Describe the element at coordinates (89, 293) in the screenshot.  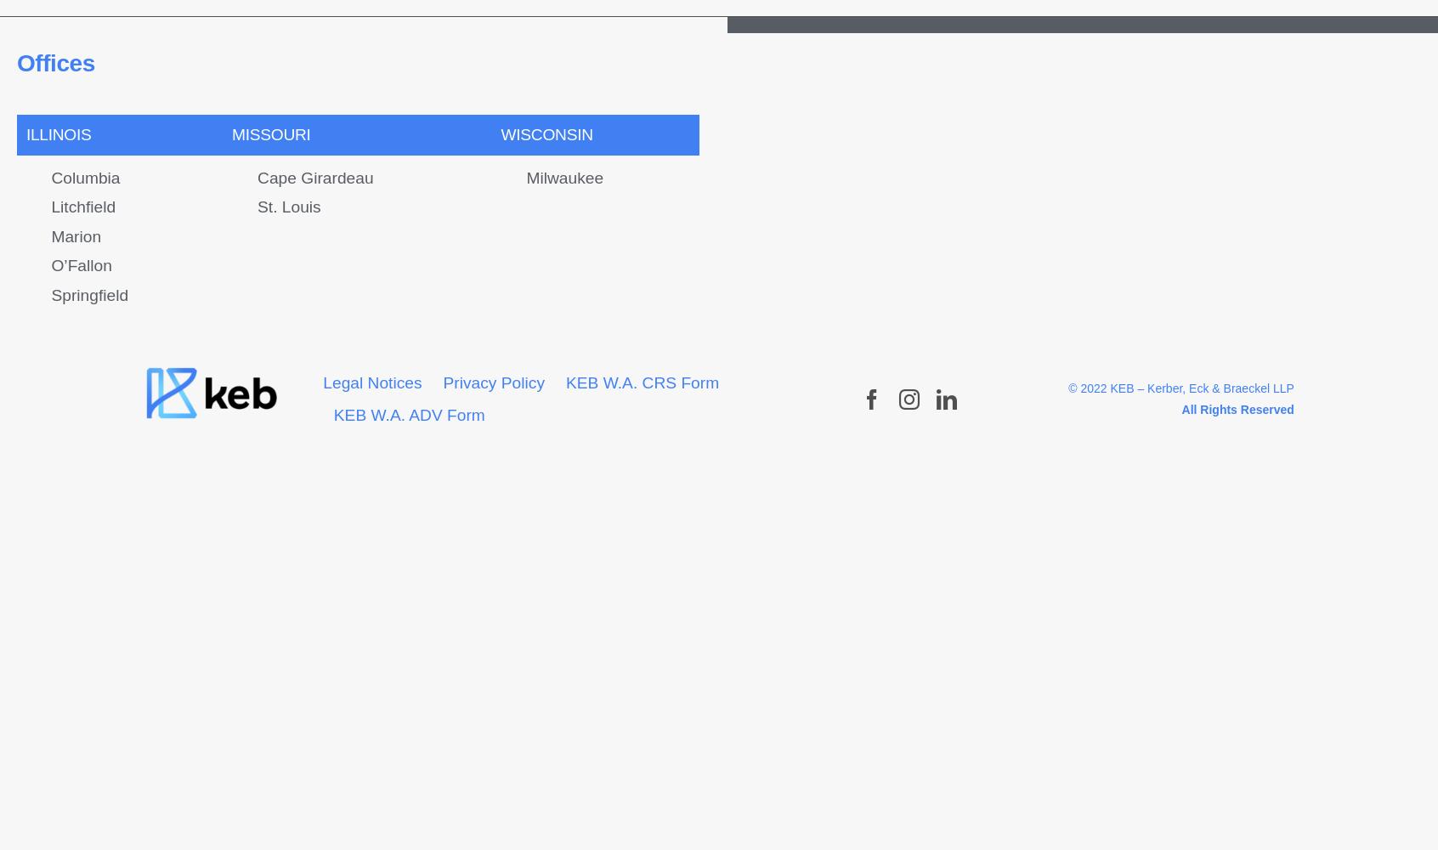
I see `'Springfield'` at that location.